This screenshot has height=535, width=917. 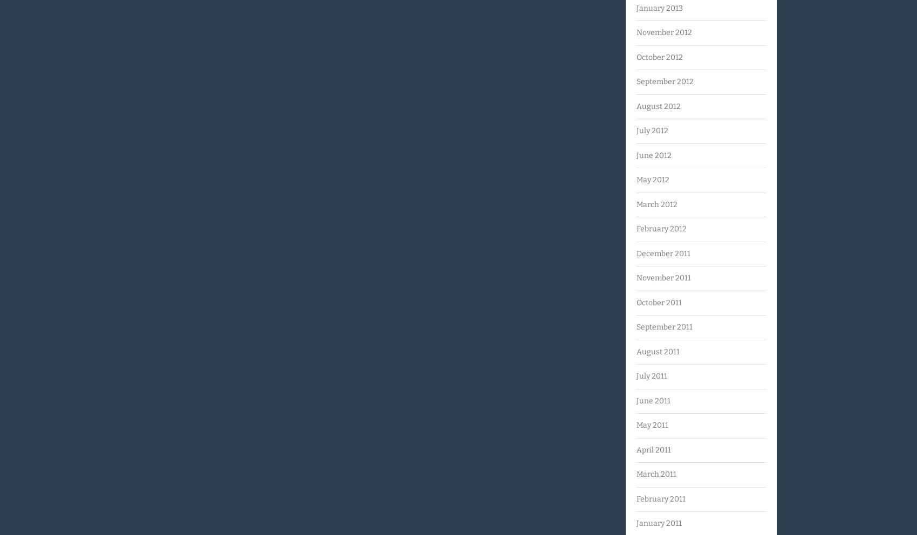 What do you see at coordinates (665, 81) in the screenshot?
I see `'September 2012'` at bounding box center [665, 81].